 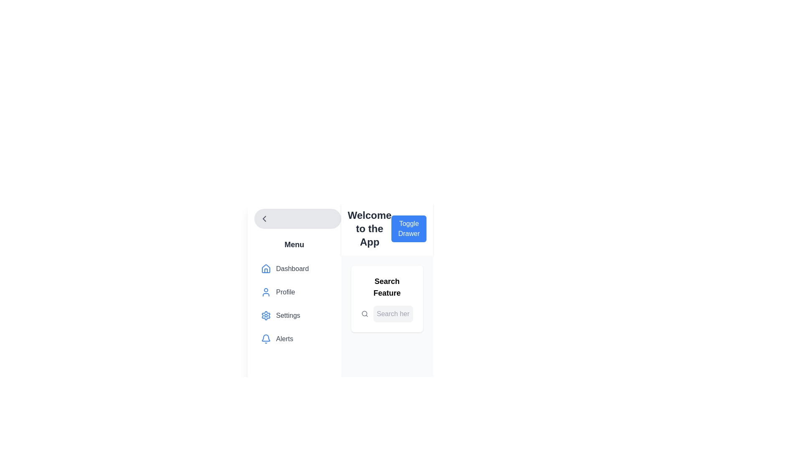 What do you see at coordinates (264, 218) in the screenshot?
I see `the left-pointing chevron icon within the rounded button located in the upper-left section of the sidebar menu` at bounding box center [264, 218].